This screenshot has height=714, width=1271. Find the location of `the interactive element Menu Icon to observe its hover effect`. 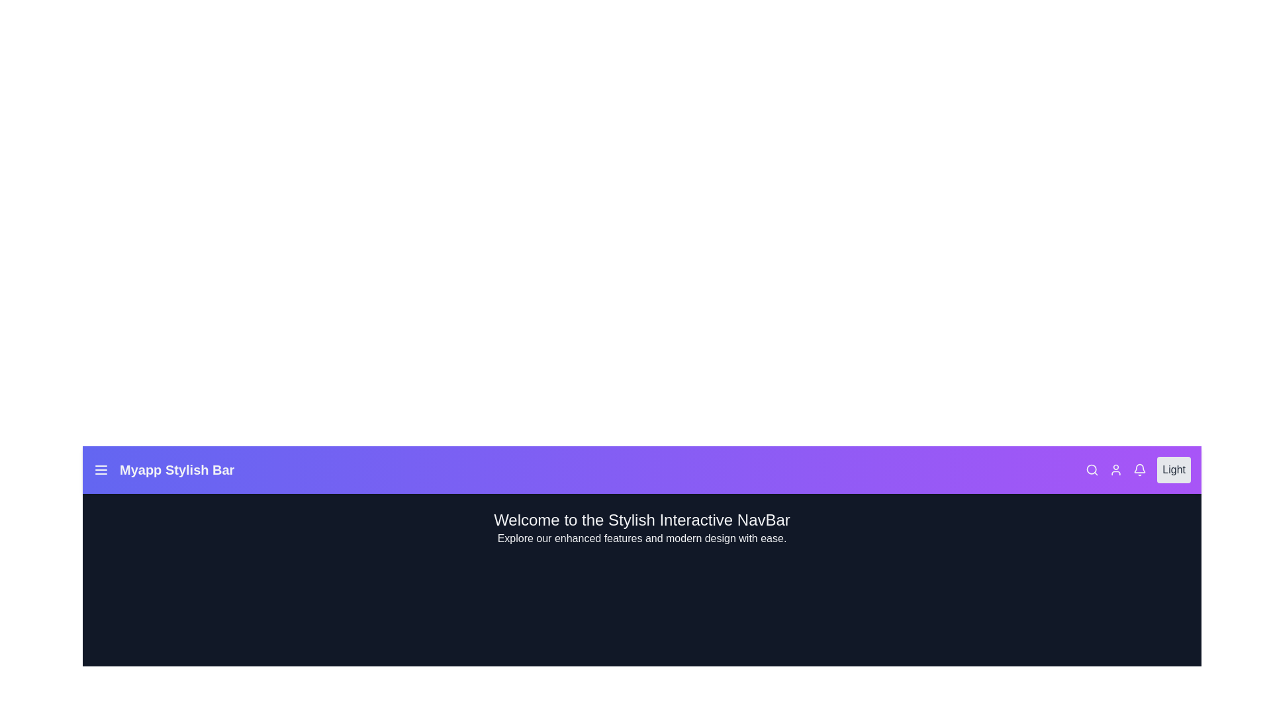

the interactive element Menu Icon to observe its hover effect is located at coordinates (101, 469).